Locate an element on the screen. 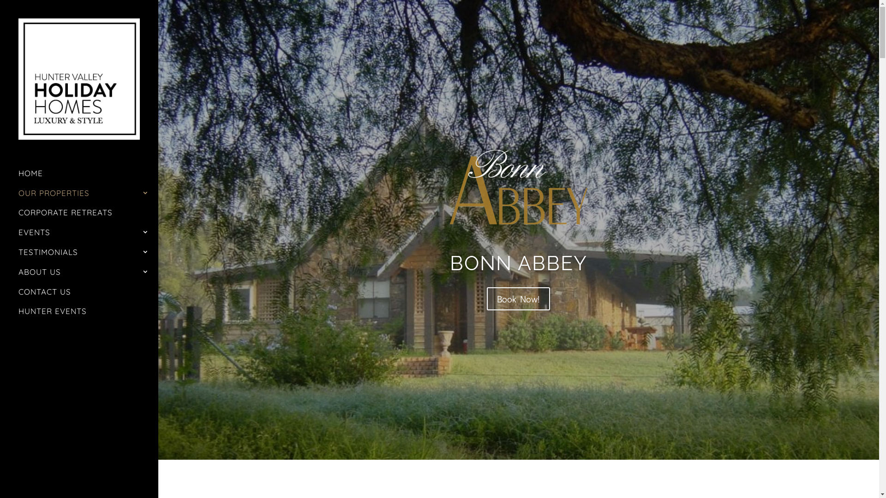 Image resolution: width=886 pixels, height=498 pixels. 'HOME' is located at coordinates (88, 178).